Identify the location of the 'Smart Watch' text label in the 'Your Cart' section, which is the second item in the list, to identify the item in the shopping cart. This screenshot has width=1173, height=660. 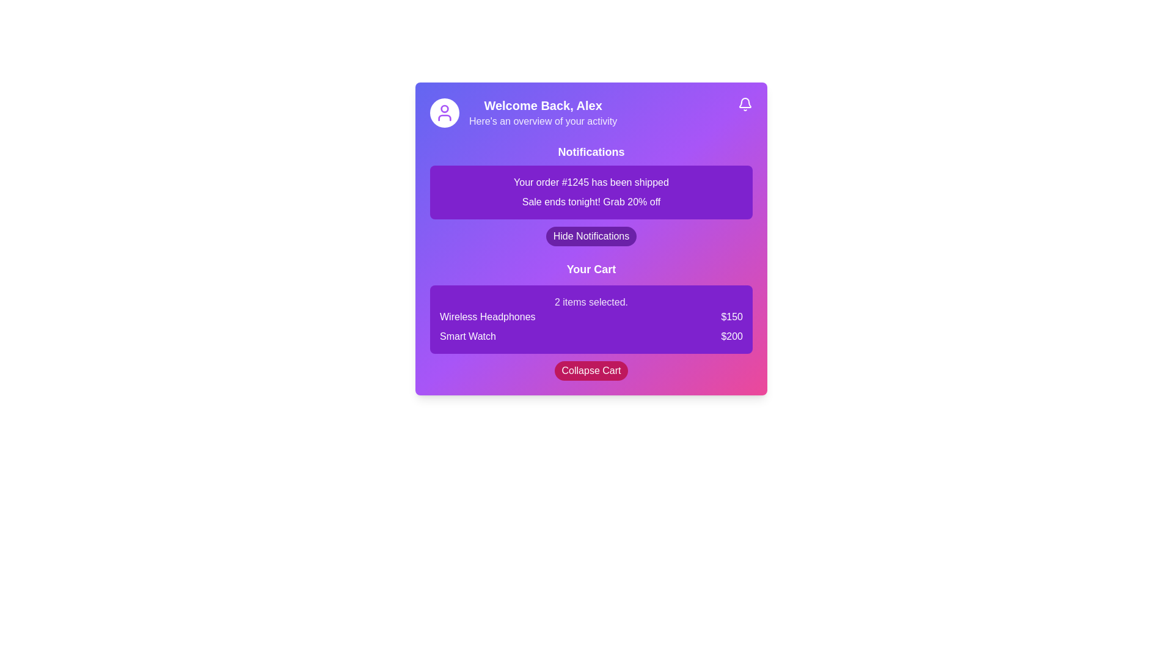
(467, 337).